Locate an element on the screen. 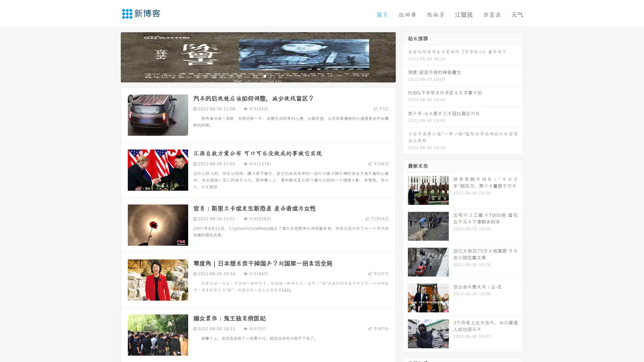  Next slide is located at coordinates (405, 56).